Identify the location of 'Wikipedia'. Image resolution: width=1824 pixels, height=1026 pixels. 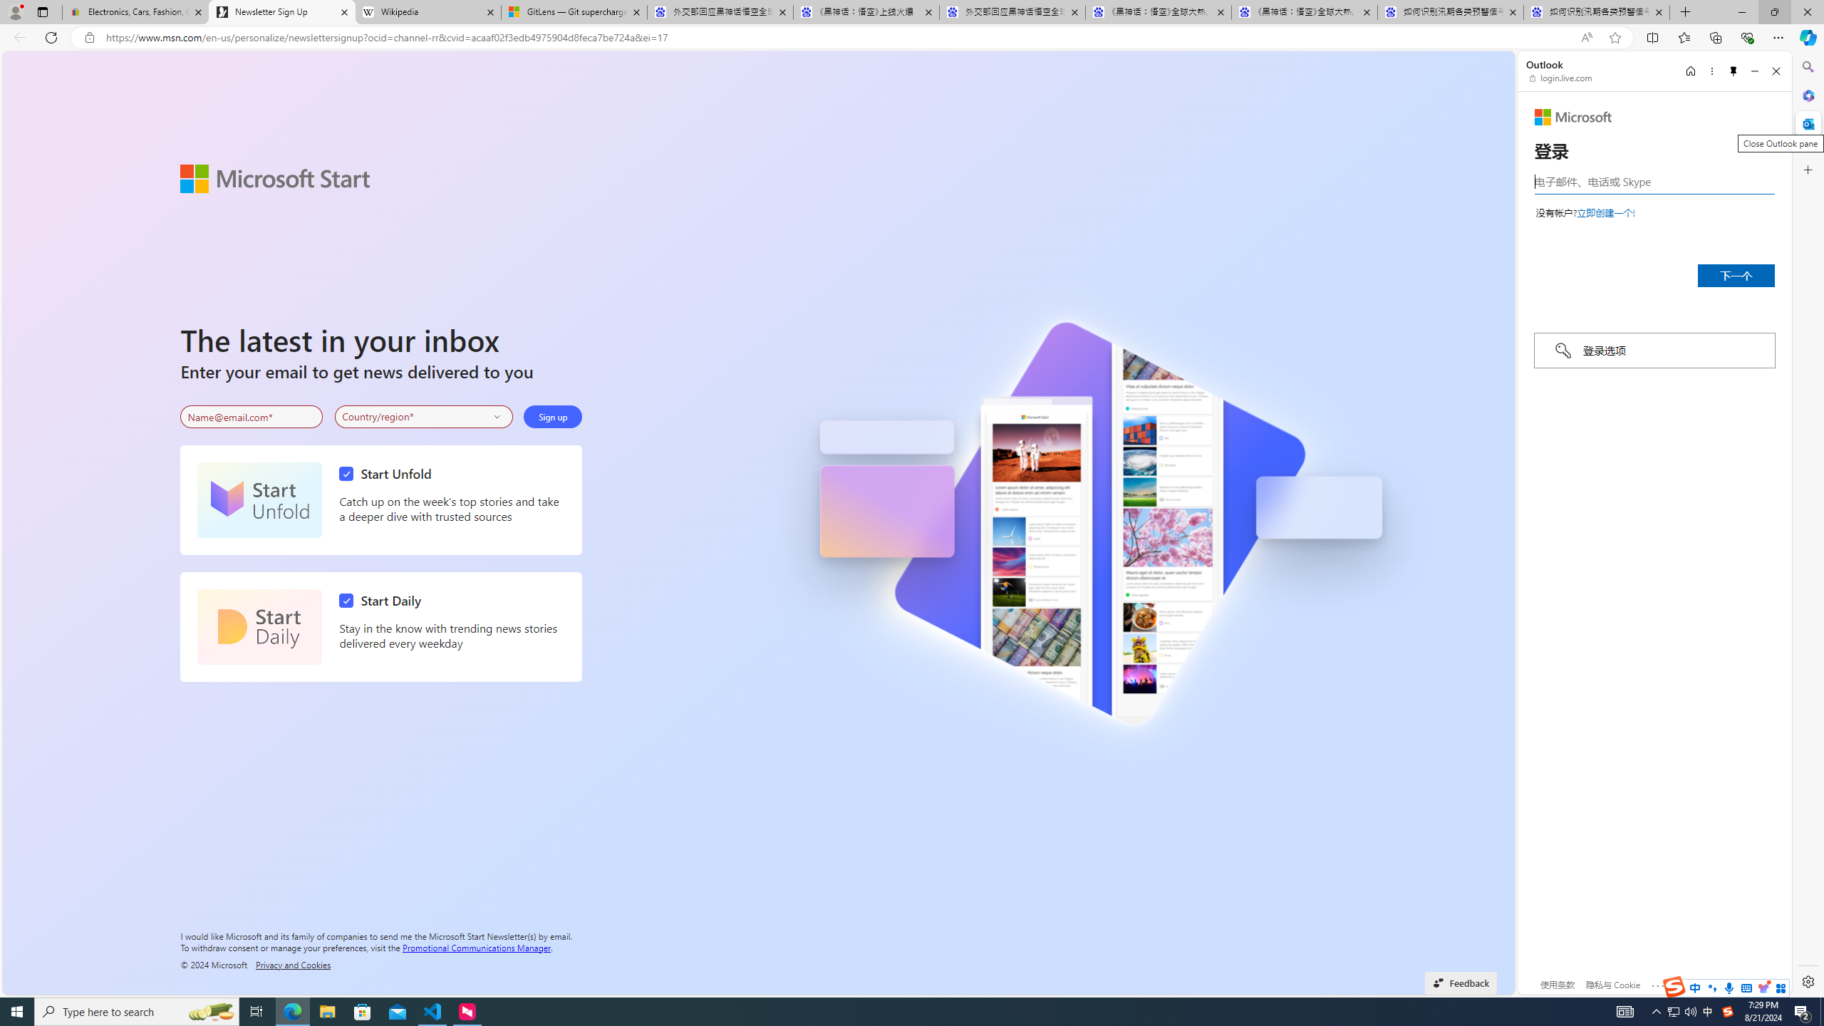
(427, 11).